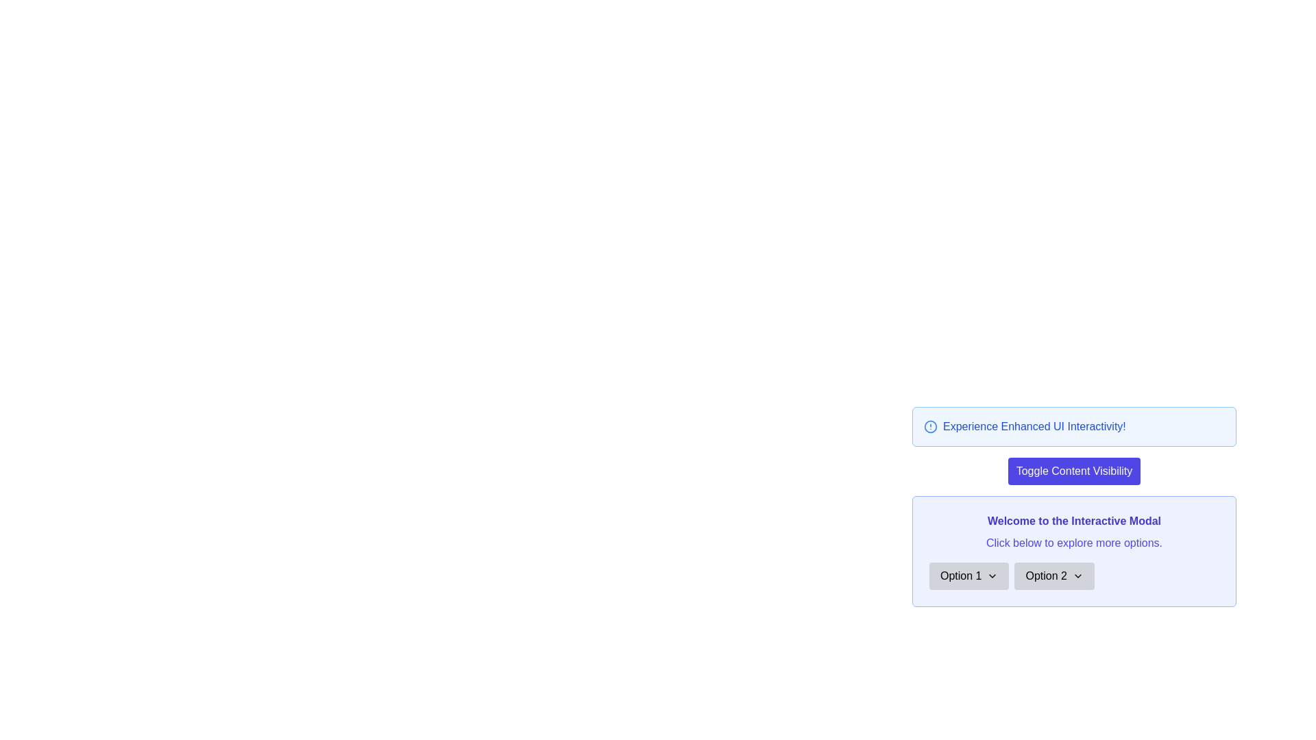 This screenshot has height=740, width=1316. I want to click on the blue-colored static text label that reads 'Click below, so click(1073, 543).